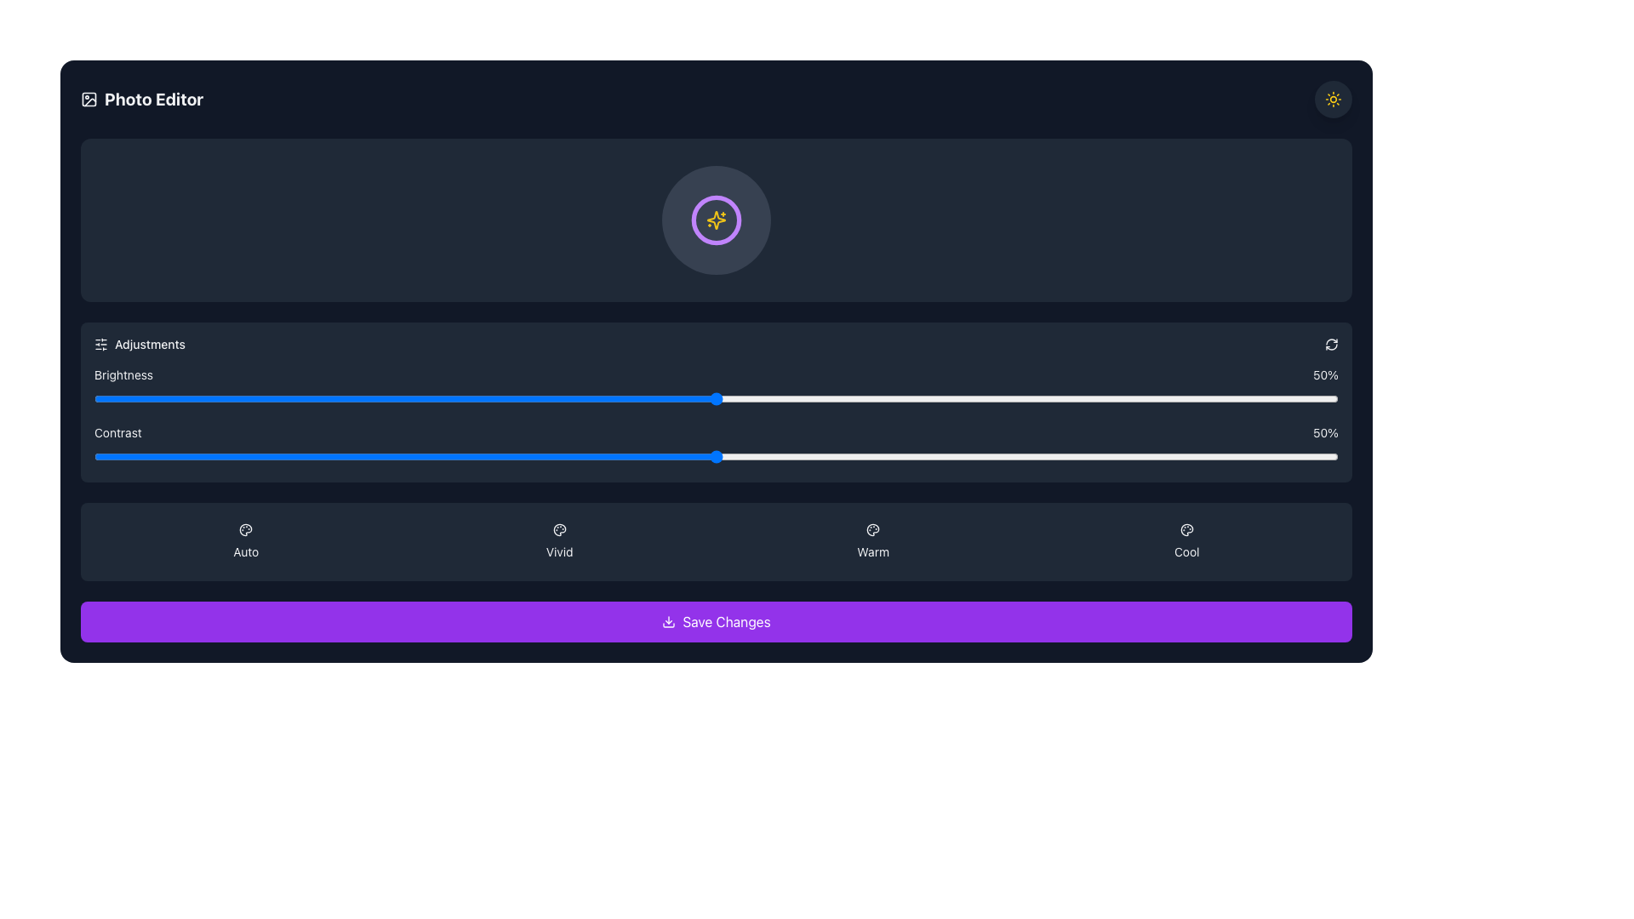 Image resolution: width=1634 pixels, height=919 pixels. What do you see at coordinates (873, 529) in the screenshot?
I see `the small circular painter's palette icon located at the center of the 'Warm' option button, which is one of the four buttons labeled 'Auto,' 'Vivid,' 'Warm,' and 'Cool.'` at bounding box center [873, 529].